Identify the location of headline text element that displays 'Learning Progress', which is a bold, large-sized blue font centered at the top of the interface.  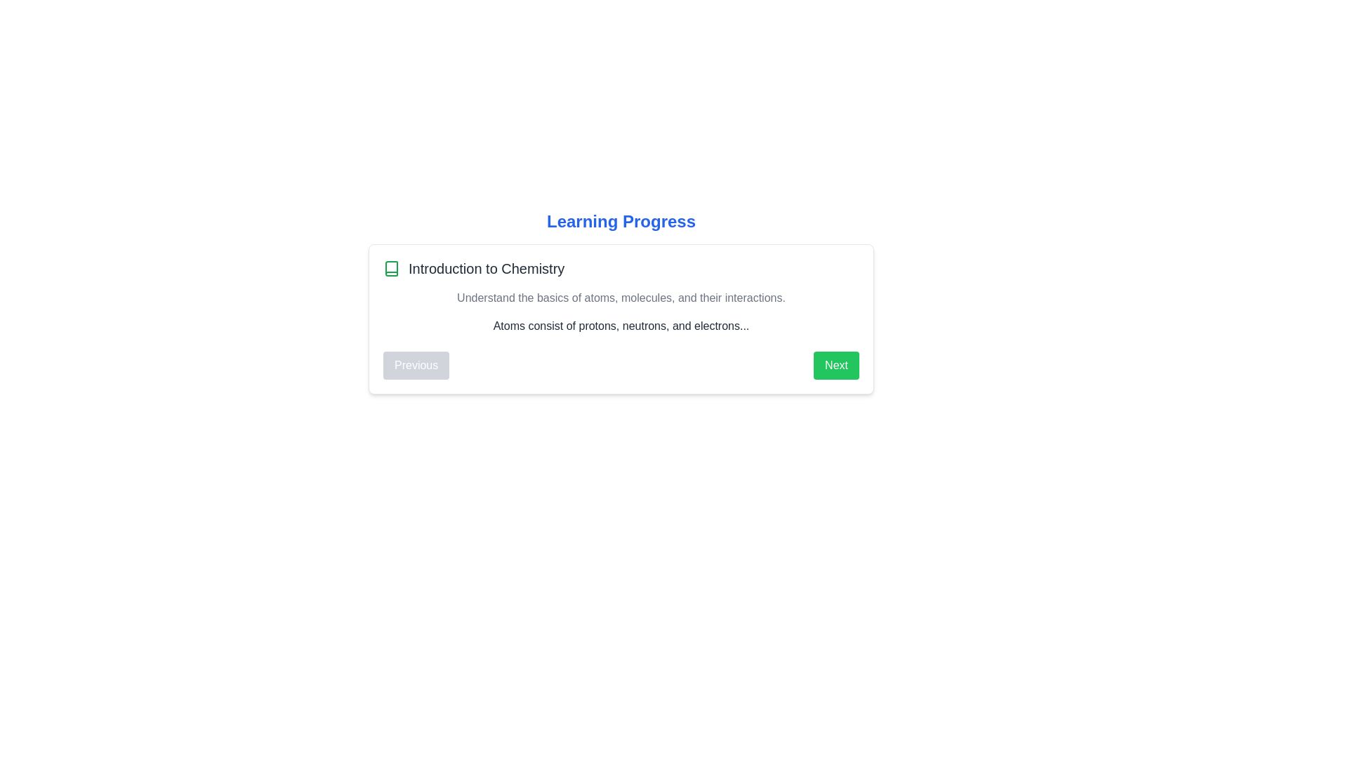
(620, 221).